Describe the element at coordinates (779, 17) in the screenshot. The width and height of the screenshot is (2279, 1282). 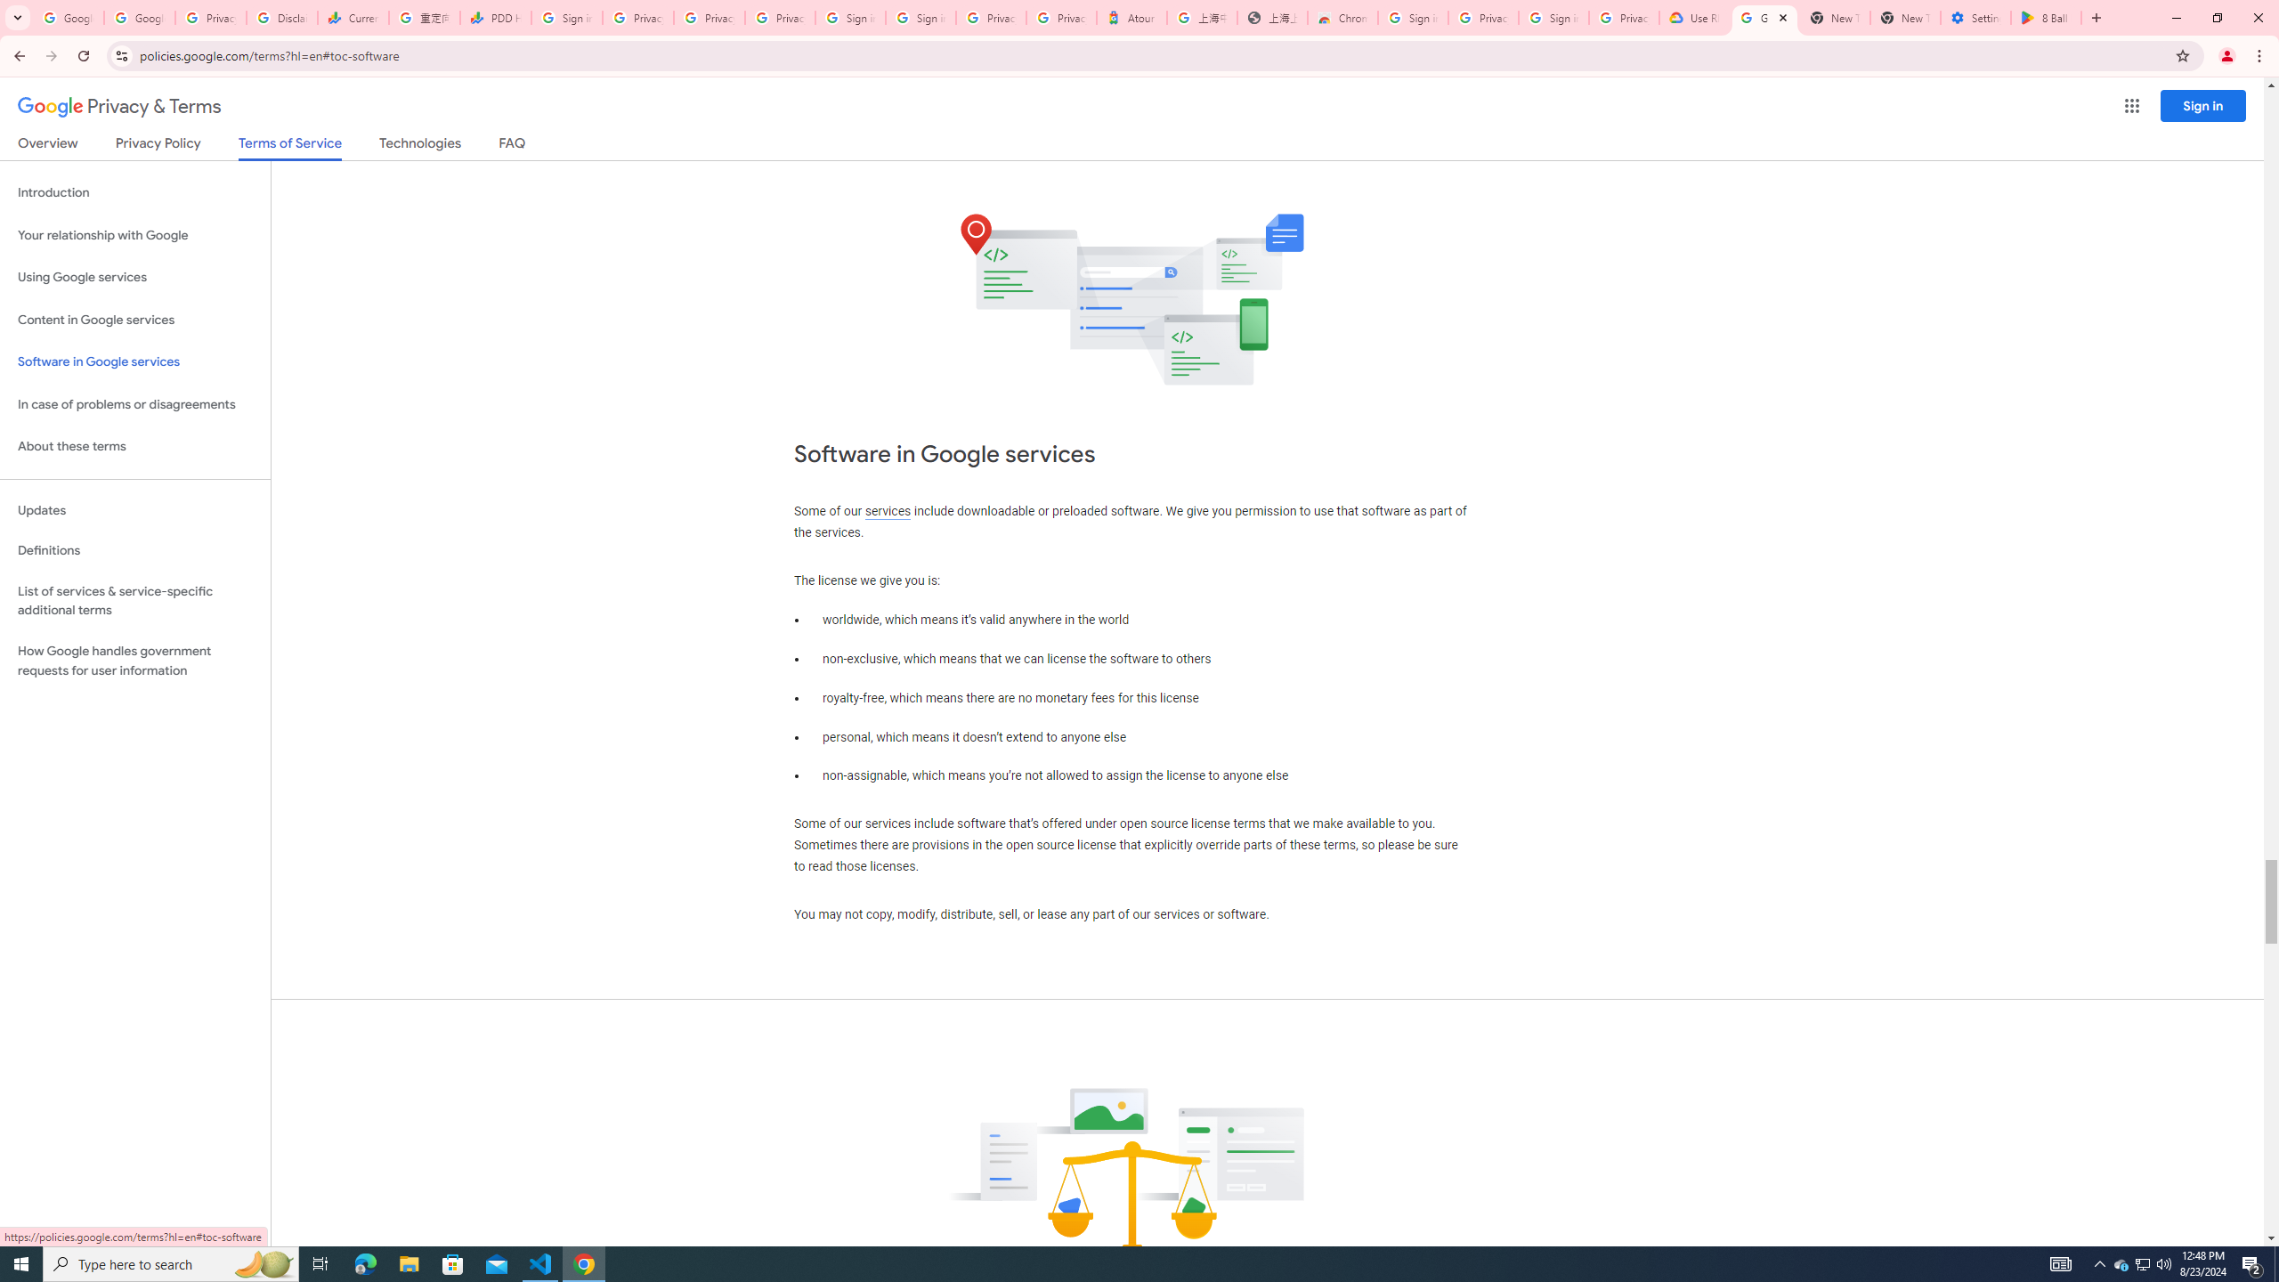
I see `'Privacy Checkup'` at that location.